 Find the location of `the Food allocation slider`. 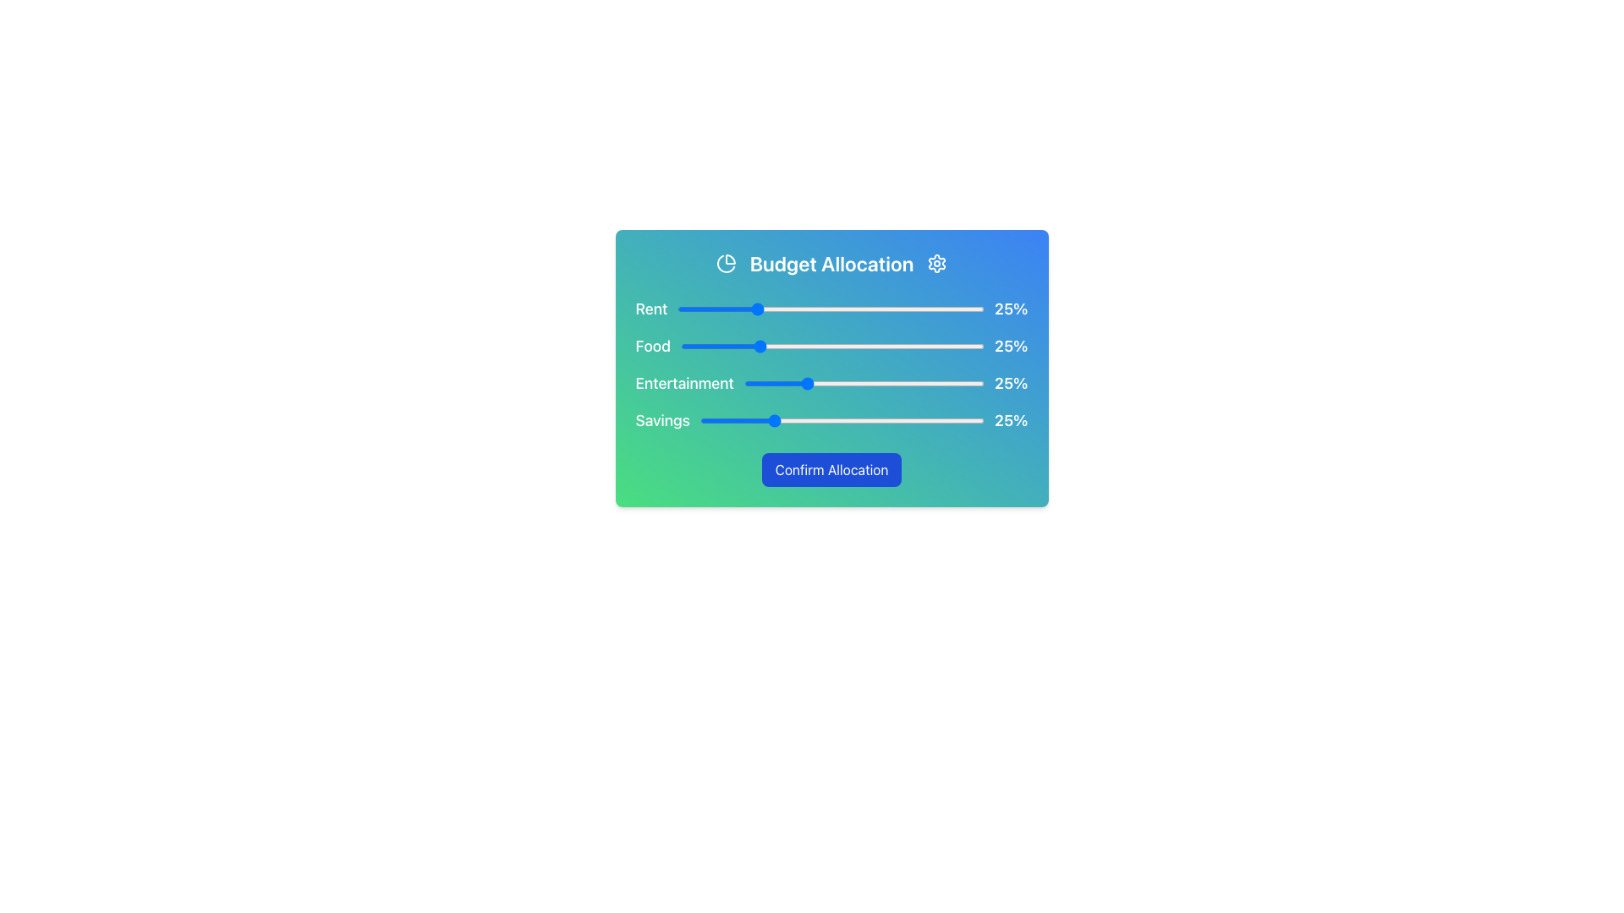

the Food allocation slider is located at coordinates (753, 345).